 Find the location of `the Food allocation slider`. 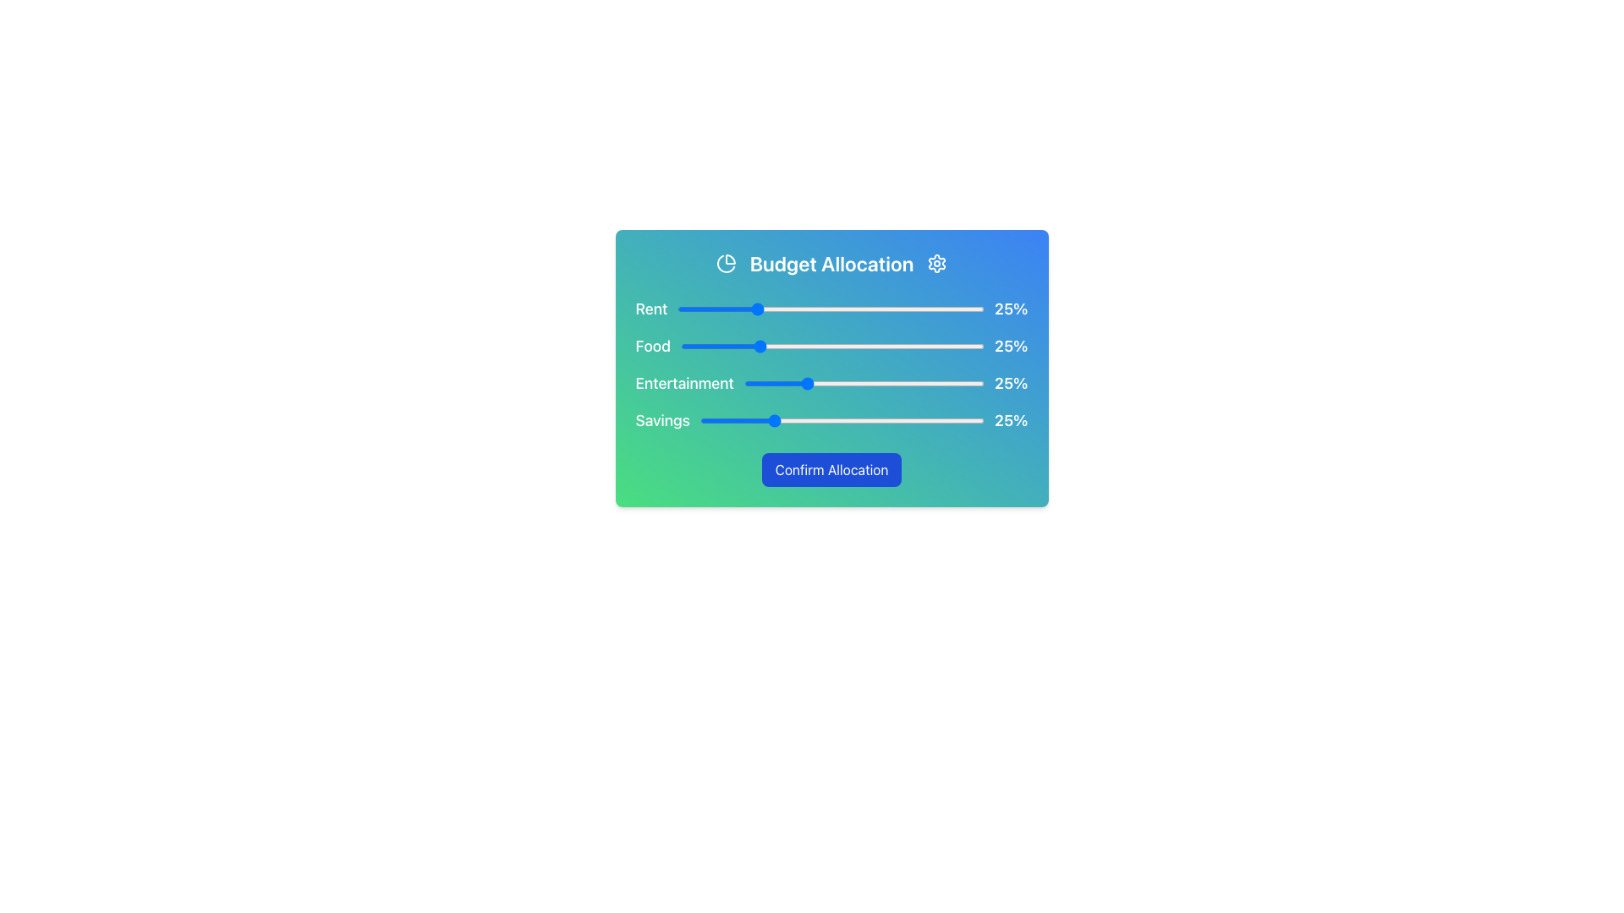

the Food allocation slider is located at coordinates (753, 345).